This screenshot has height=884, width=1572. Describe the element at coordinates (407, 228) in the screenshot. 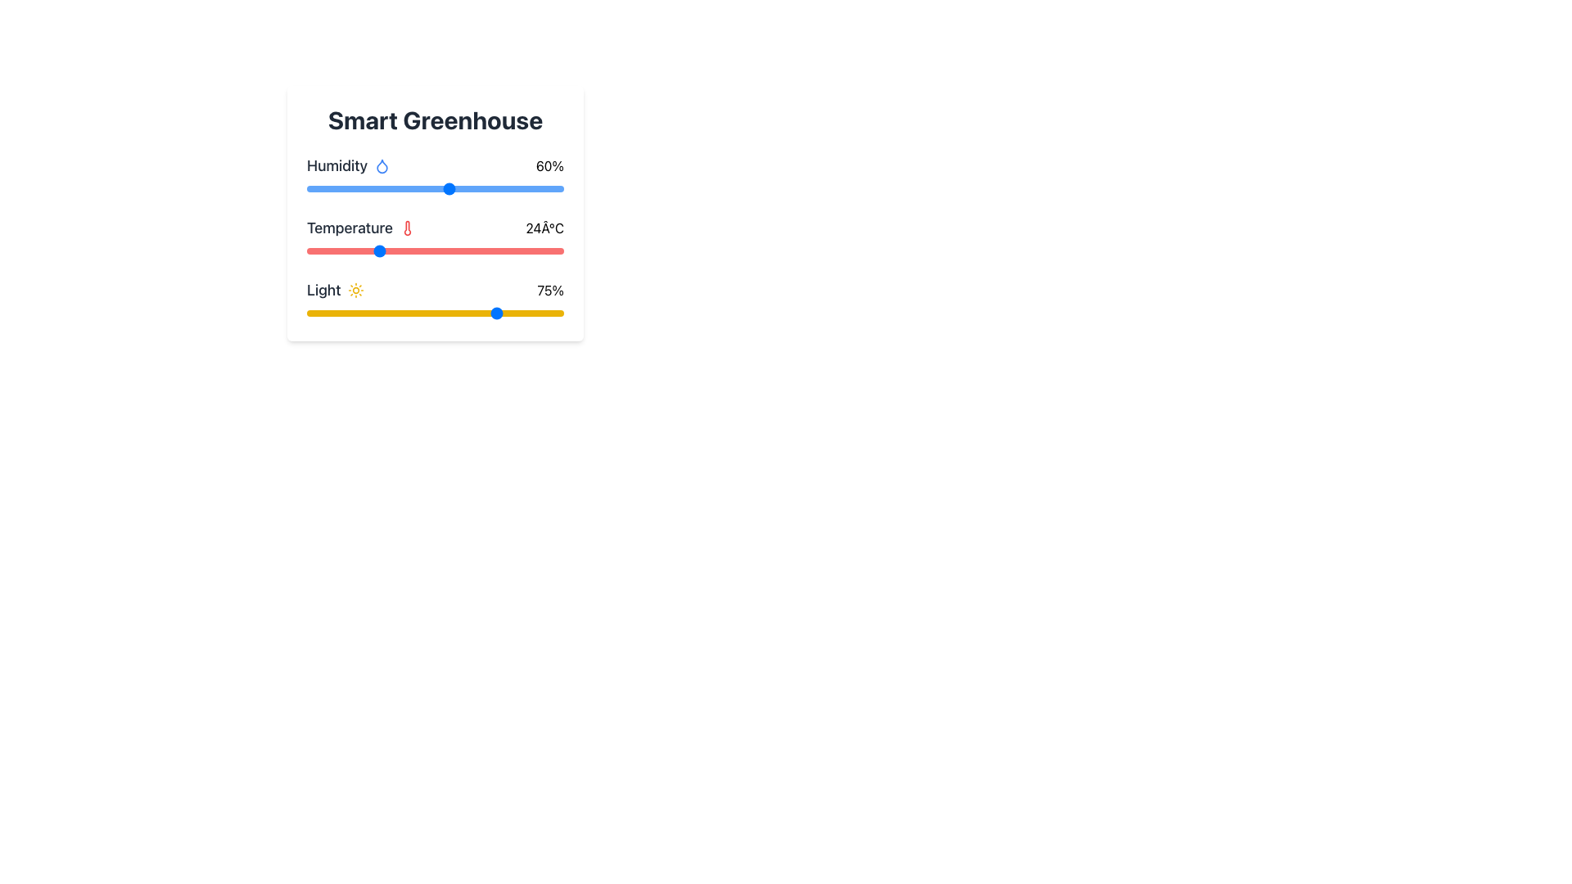

I see `the red thermometer icon located next to the Temperature label, which enhances contextual relevance for the temperature display` at that location.